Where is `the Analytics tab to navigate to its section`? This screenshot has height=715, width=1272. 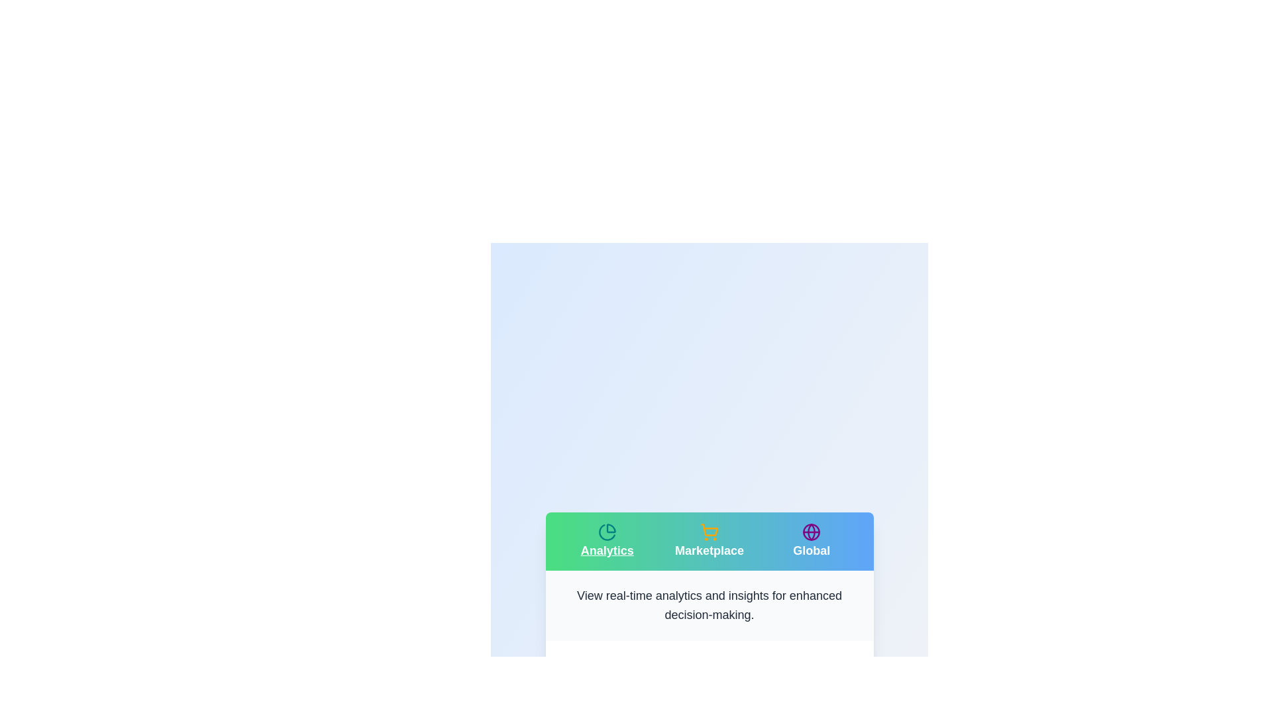 the Analytics tab to navigate to its section is located at coordinates (606, 541).